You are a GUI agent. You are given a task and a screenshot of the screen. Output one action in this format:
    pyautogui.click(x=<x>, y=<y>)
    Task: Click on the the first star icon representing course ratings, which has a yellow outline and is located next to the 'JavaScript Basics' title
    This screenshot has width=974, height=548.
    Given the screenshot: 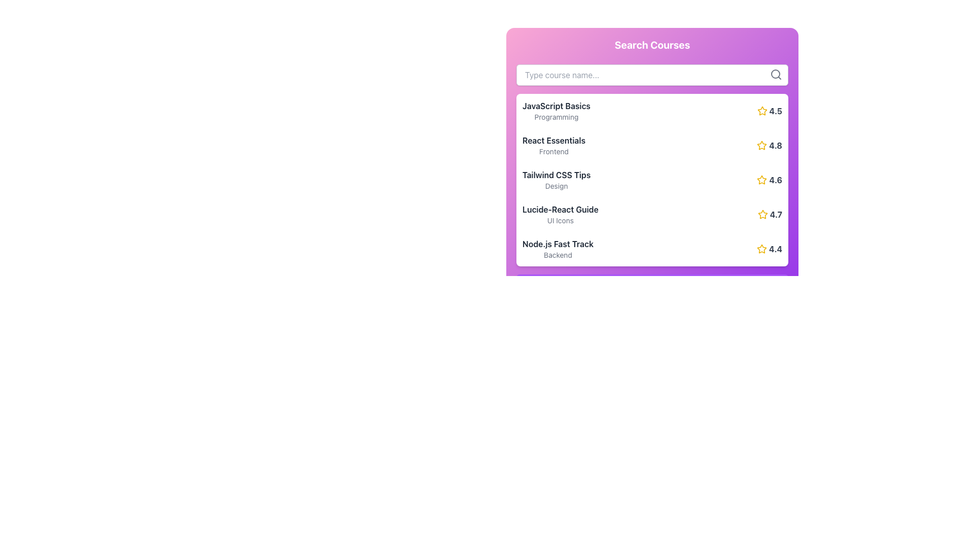 What is the action you would take?
    pyautogui.click(x=762, y=111)
    